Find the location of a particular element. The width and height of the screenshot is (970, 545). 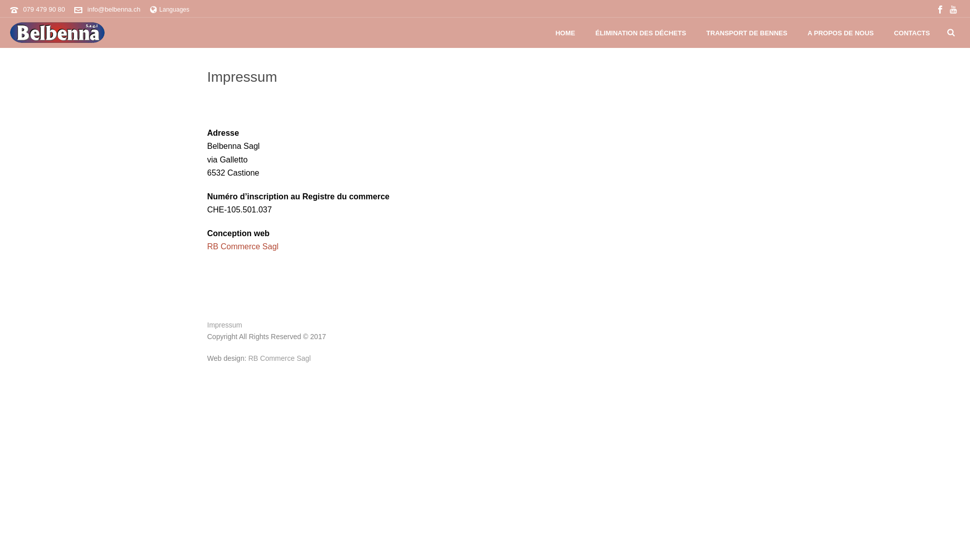

'CONTACTS' is located at coordinates (911, 32).